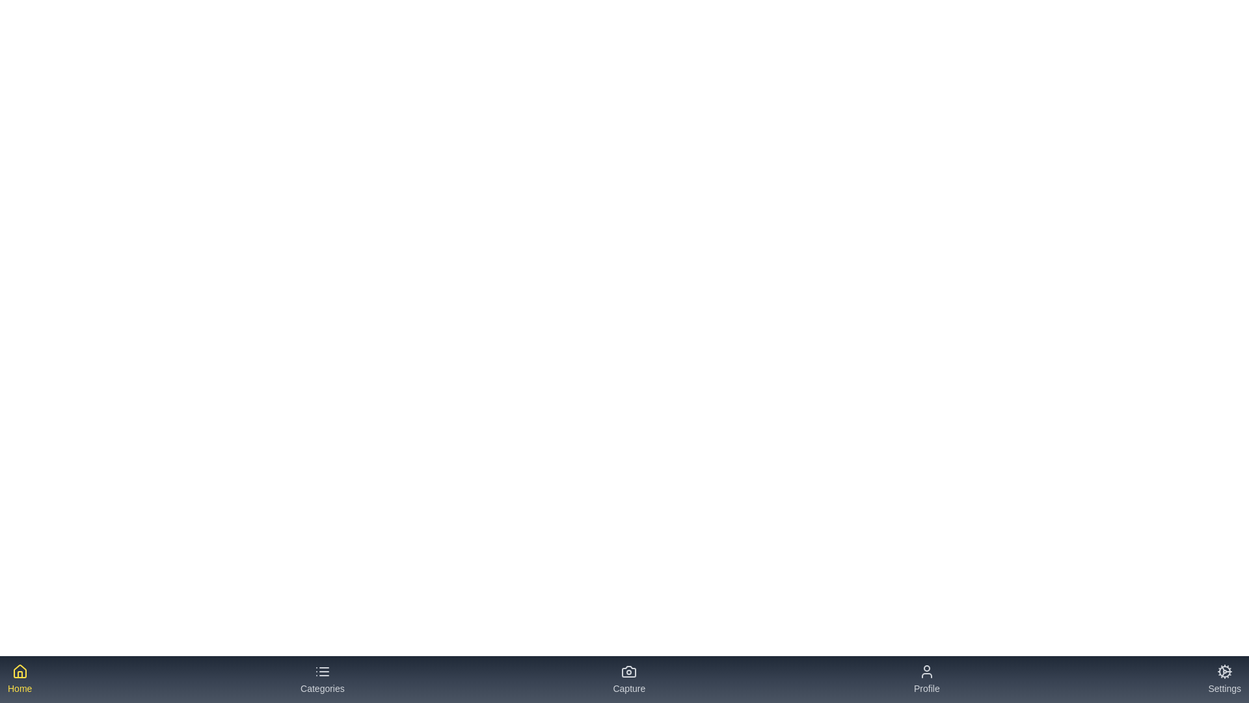 The width and height of the screenshot is (1249, 703). What do you see at coordinates (1224, 679) in the screenshot?
I see `the tab labeled 'Settings' to see its hover effect` at bounding box center [1224, 679].